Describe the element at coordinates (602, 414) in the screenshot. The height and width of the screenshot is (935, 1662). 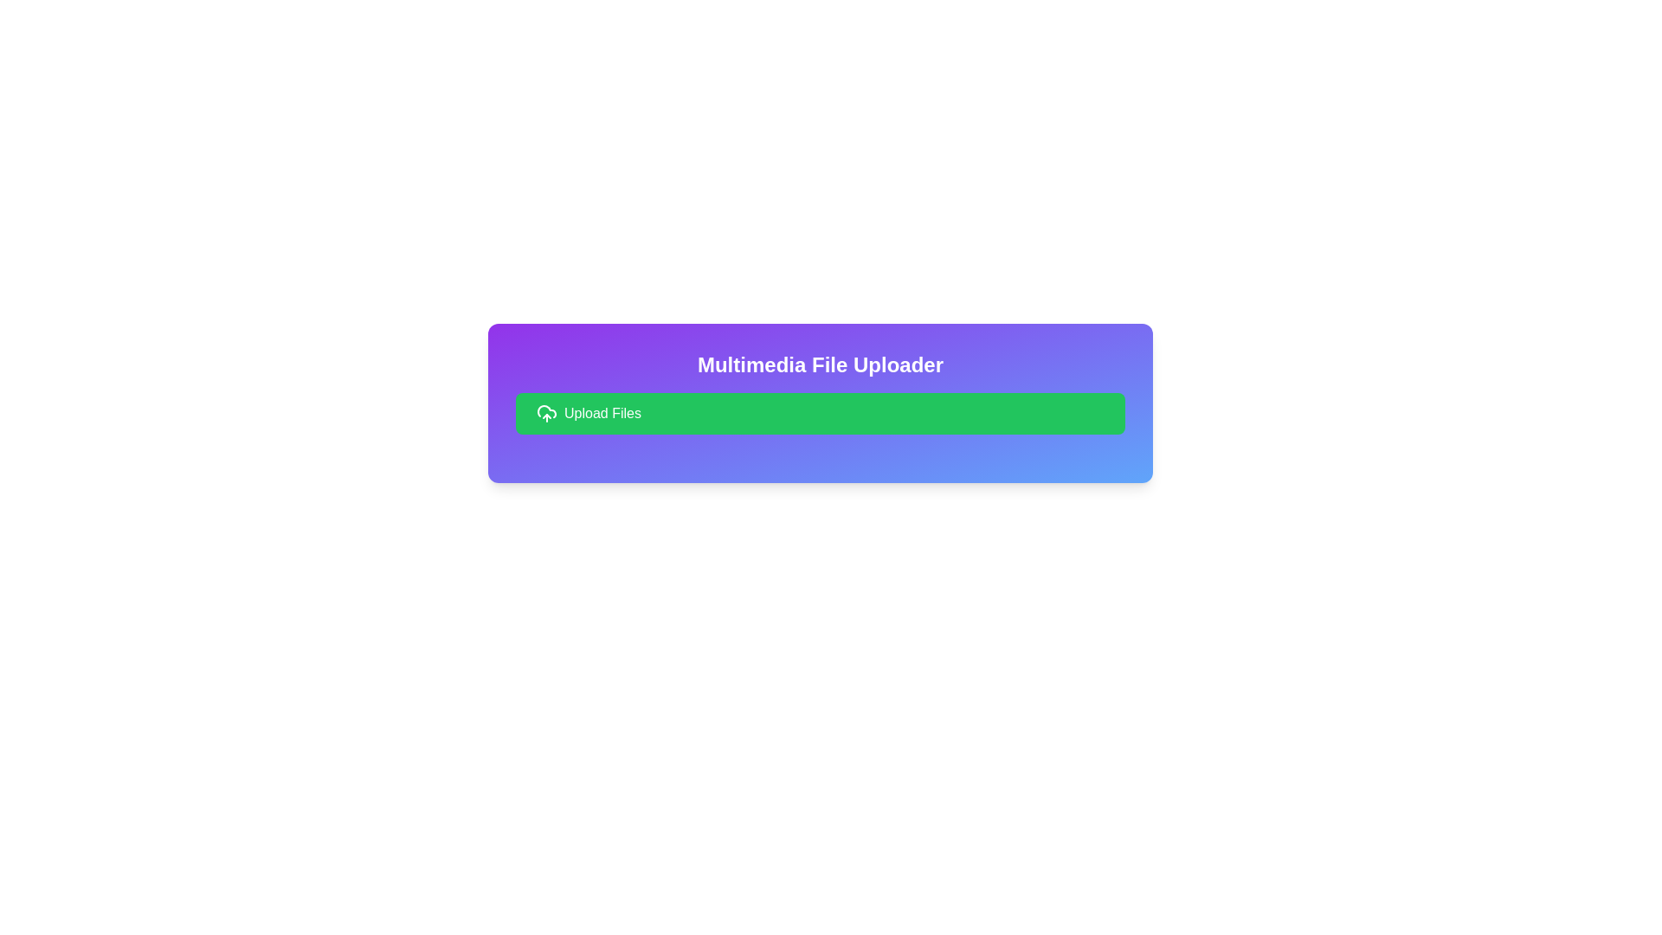
I see `the 'Upload Files' button` at that location.